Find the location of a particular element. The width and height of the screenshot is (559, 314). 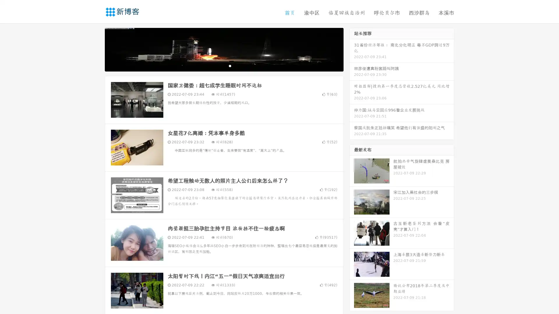

Previous slide is located at coordinates (96, 49).